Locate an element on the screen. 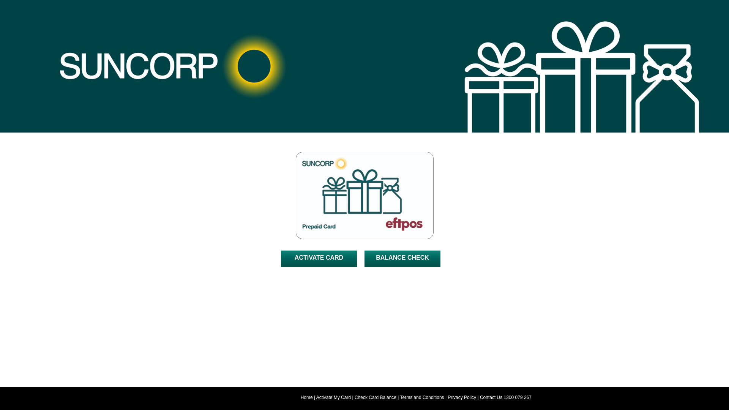 This screenshot has height=410, width=729. 'Home' is located at coordinates (306, 397).